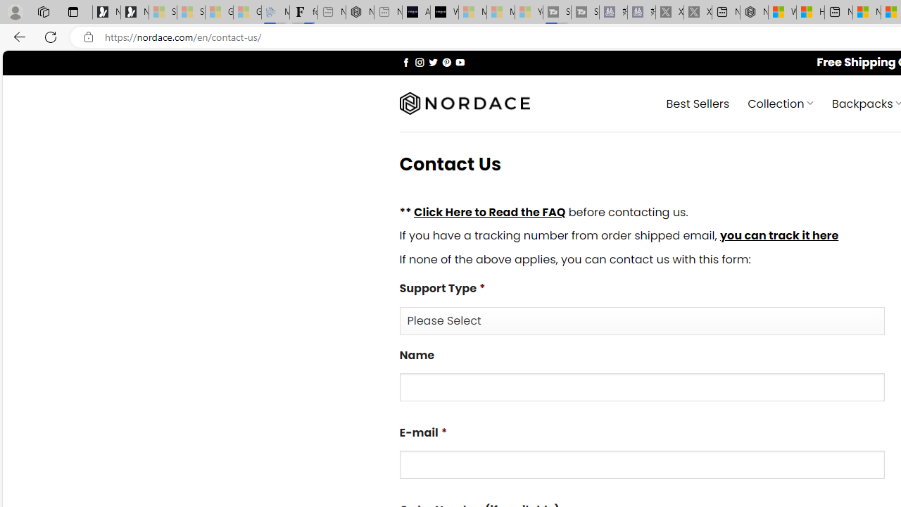  What do you see at coordinates (641, 387) in the screenshot?
I see `'Name'` at bounding box center [641, 387].